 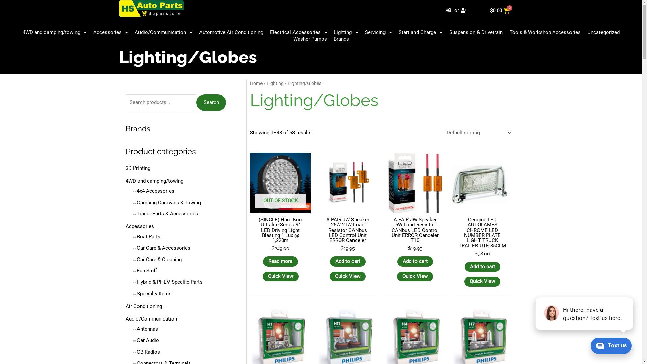 I want to click on 'Lighting', so click(x=275, y=83).